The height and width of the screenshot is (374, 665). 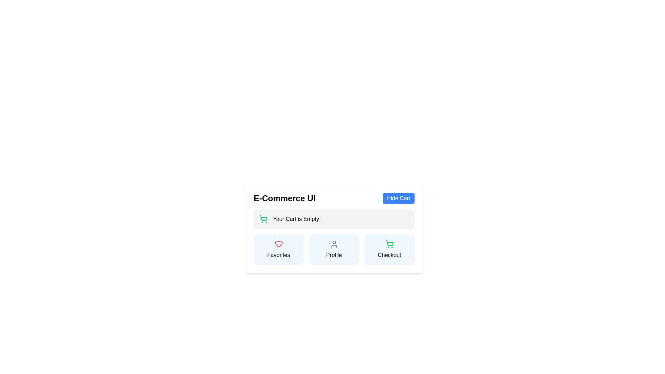 What do you see at coordinates (334, 250) in the screenshot?
I see `the 'Profile' button` at bounding box center [334, 250].